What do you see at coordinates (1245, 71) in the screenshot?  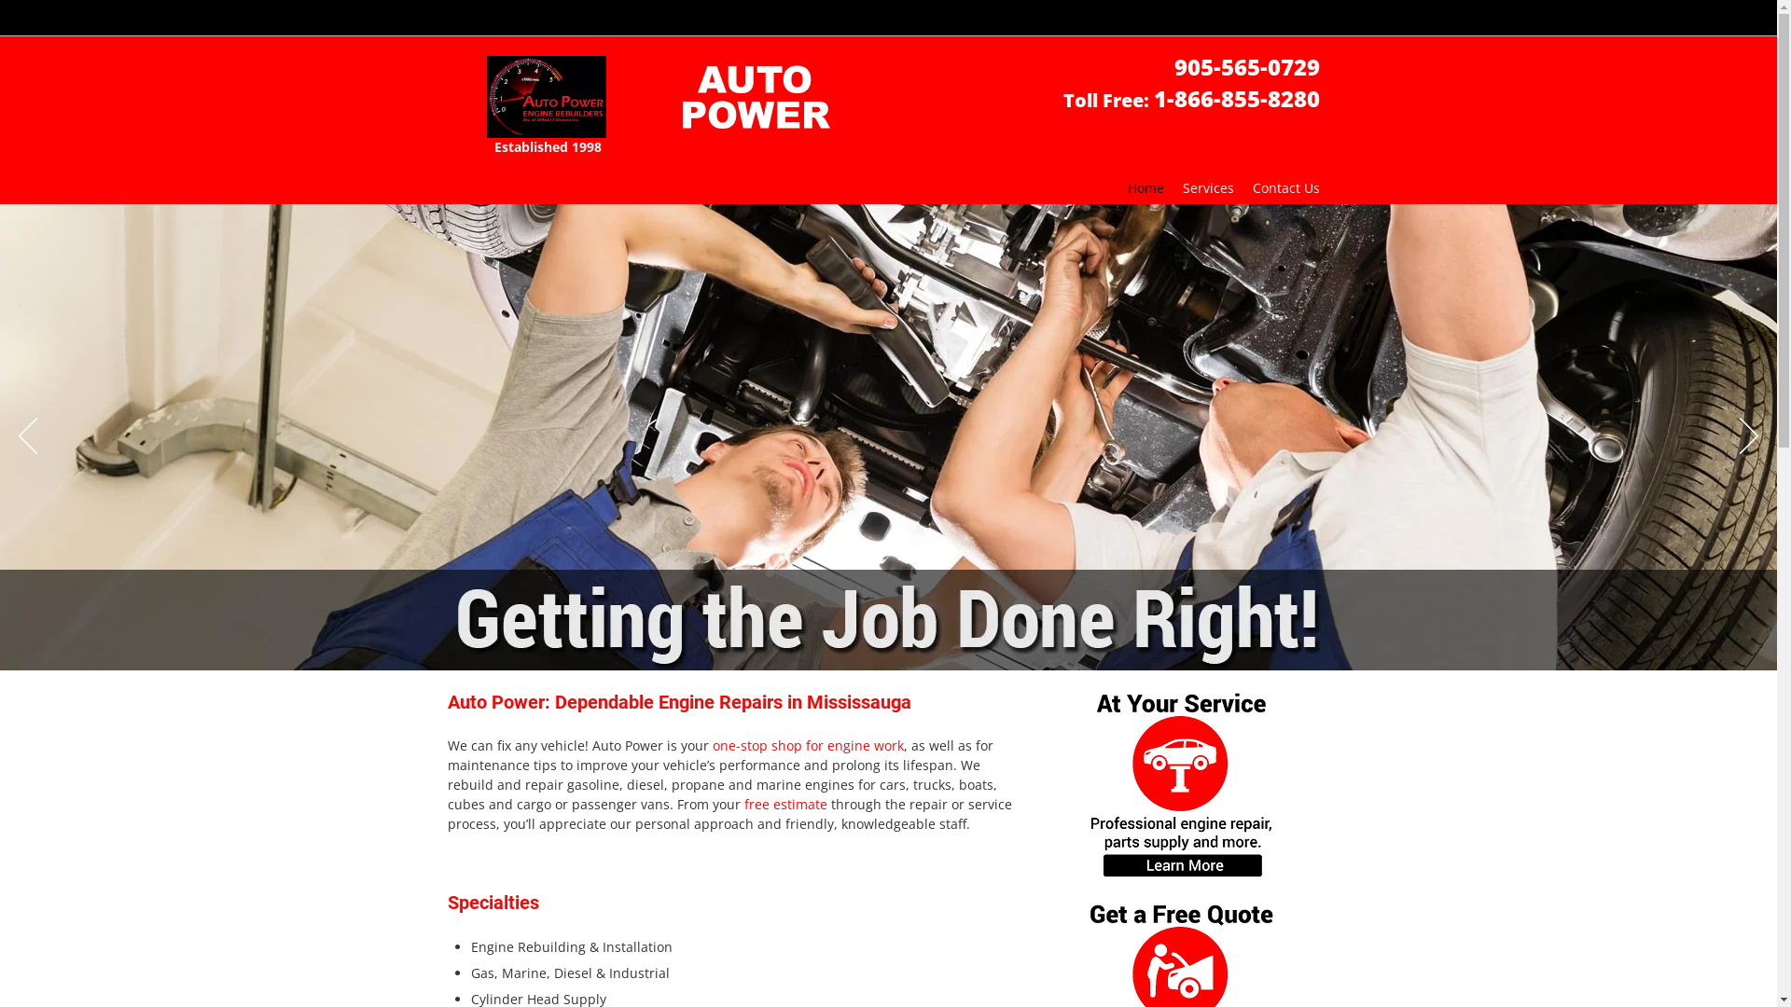 I see `'905-565-0729'` at bounding box center [1245, 71].